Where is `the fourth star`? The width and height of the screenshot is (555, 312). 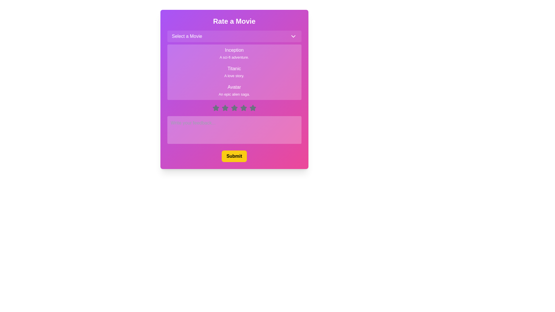 the fourth star is located at coordinates (234, 108).